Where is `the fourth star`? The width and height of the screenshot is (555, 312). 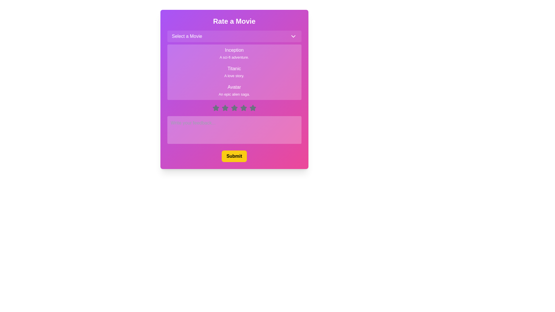 the fourth star is located at coordinates (234, 108).